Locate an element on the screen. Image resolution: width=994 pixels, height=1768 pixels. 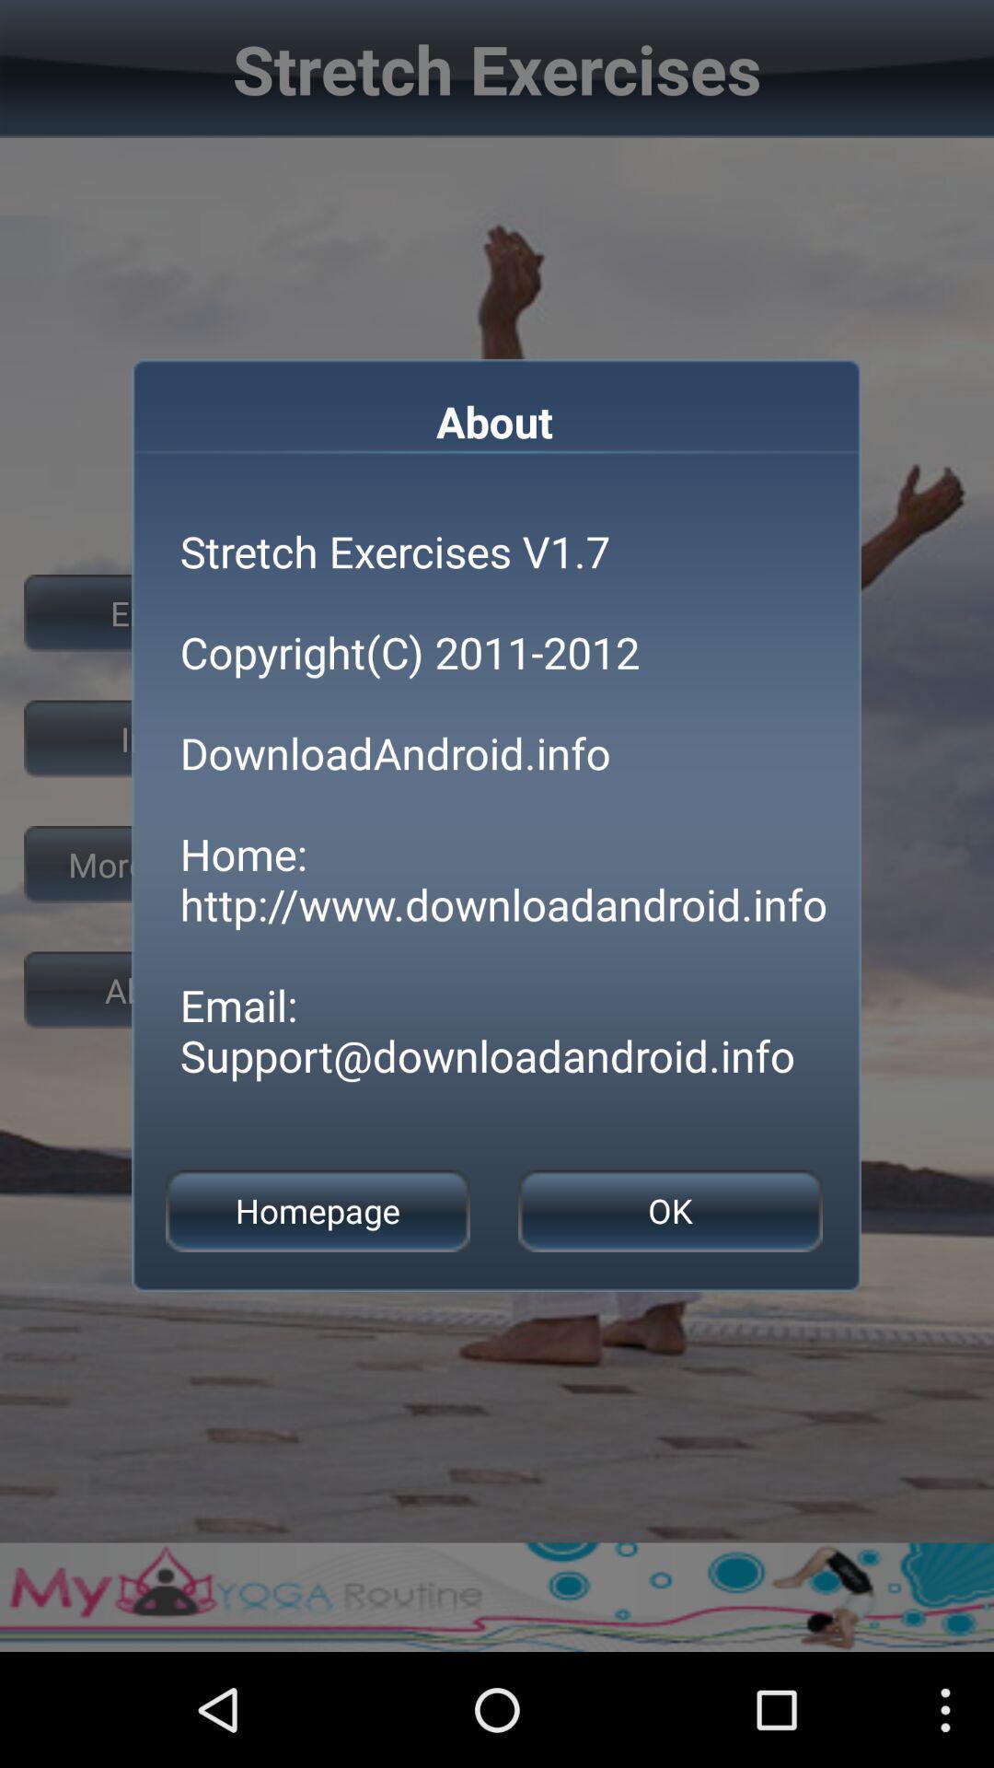
app below stretch exercises v1 app is located at coordinates (317, 1211).